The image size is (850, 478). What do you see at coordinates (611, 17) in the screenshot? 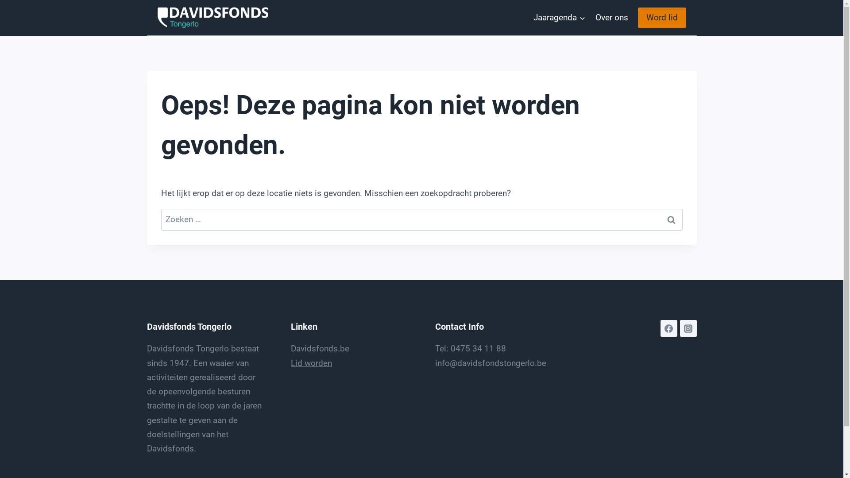
I see `'Over ons'` at bounding box center [611, 17].